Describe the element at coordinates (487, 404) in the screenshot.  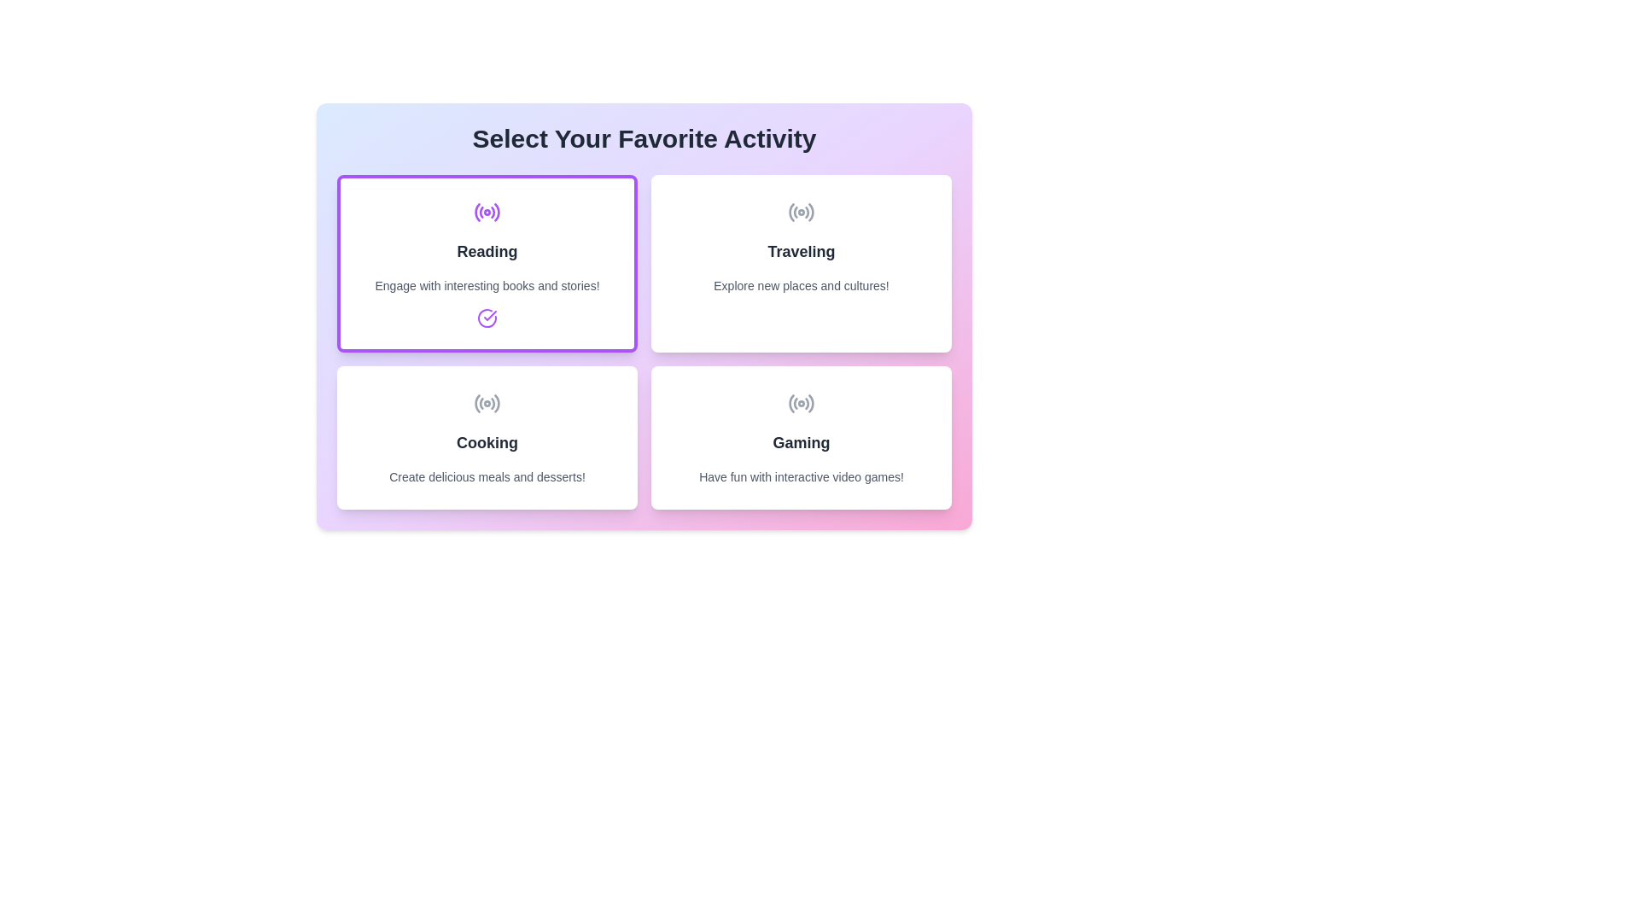
I see `the design and context of the 'Cooking' category icon, which is located at the top center of the 'Cooking' card in the bottom left quadrant of the four-card layout` at that location.